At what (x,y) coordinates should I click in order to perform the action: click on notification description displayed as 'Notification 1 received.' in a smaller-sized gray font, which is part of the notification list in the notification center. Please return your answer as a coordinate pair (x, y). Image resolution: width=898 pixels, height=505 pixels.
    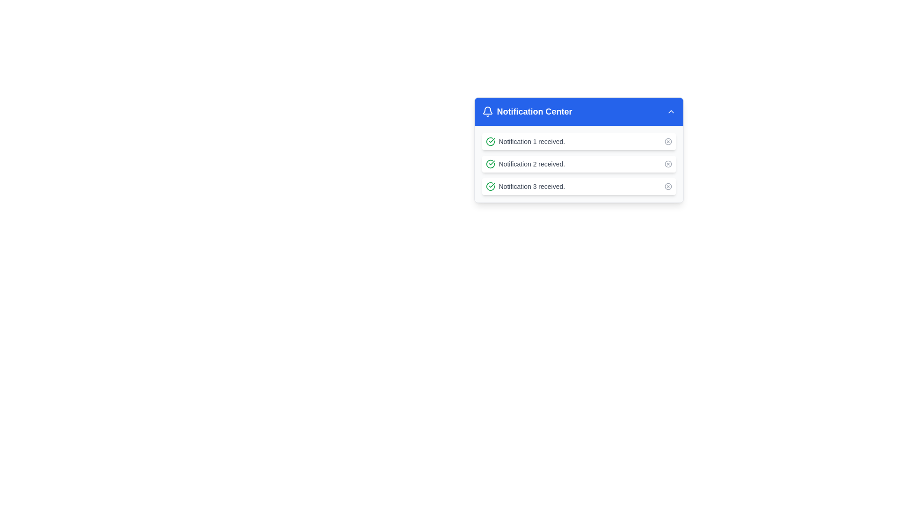
    Looking at the image, I should click on (532, 142).